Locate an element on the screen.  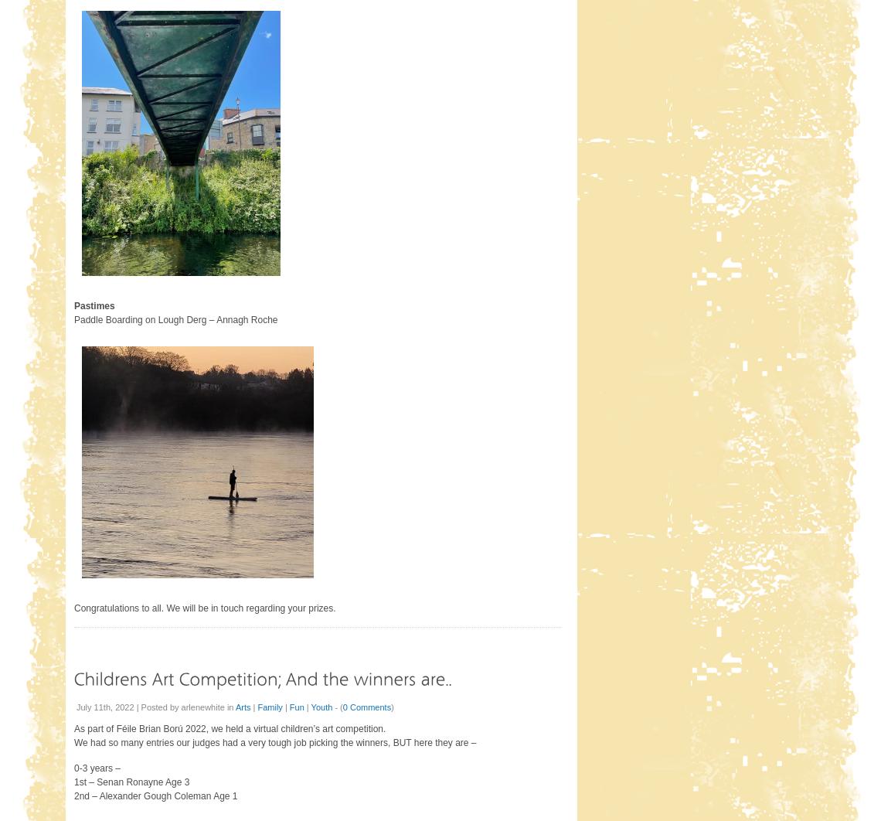
'- (' is located at coordinates (337, 705).